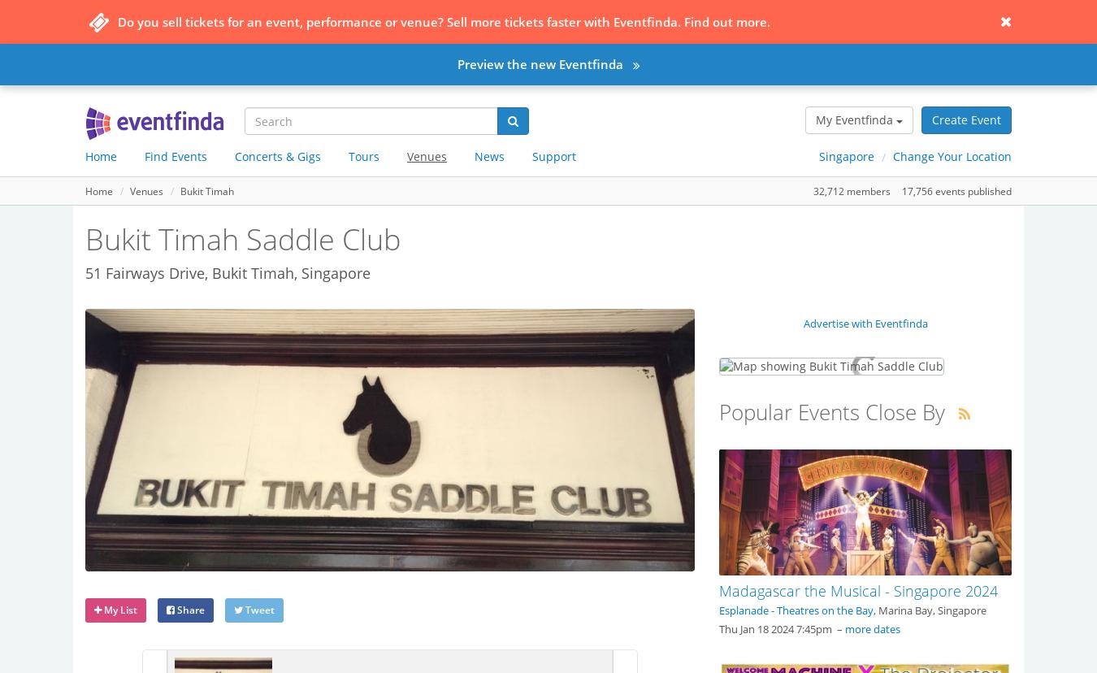 This screenshot has width=1097, height=673. What do you see at coordinates (845, 628) in the screenshot?
I see `'more dates'` at bounding box center [845, 628].